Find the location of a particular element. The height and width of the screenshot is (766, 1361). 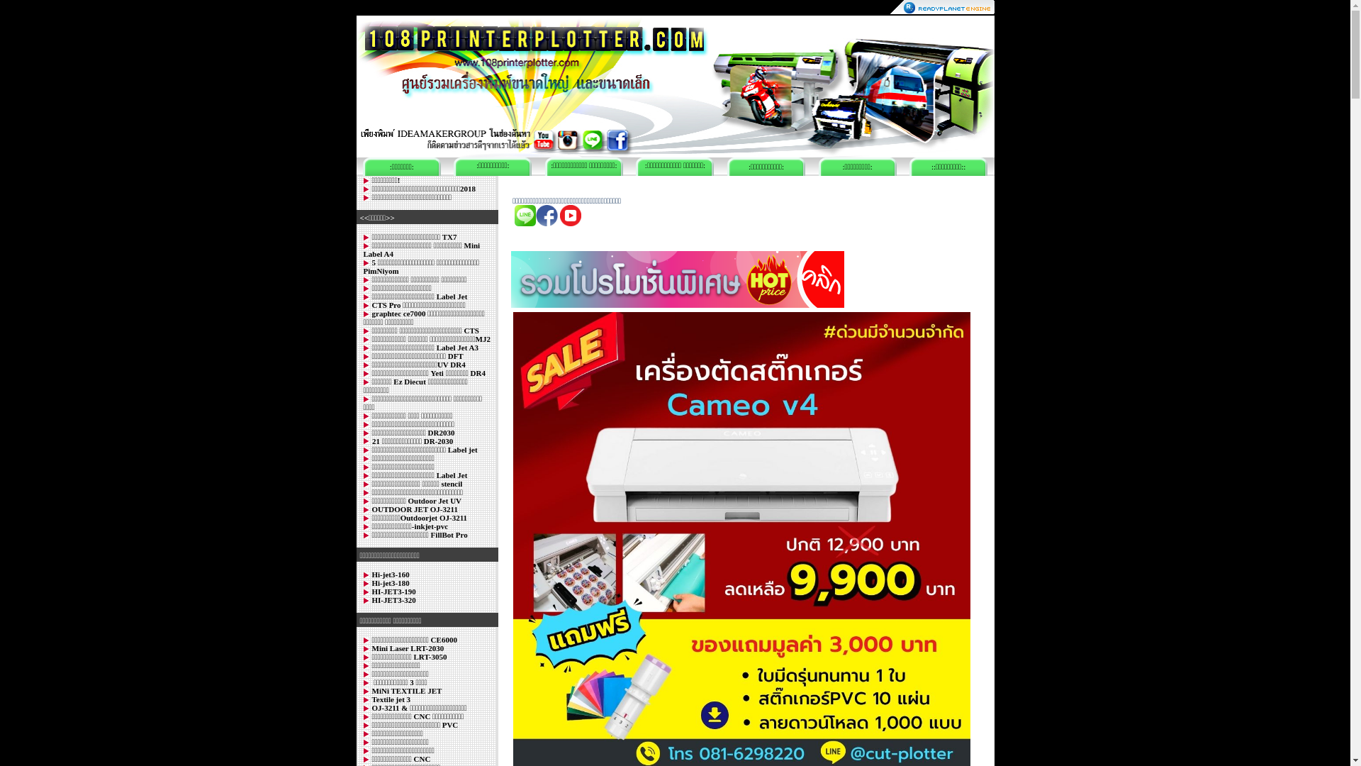

'Textile jet 3' is located at coordinates (371, 699).